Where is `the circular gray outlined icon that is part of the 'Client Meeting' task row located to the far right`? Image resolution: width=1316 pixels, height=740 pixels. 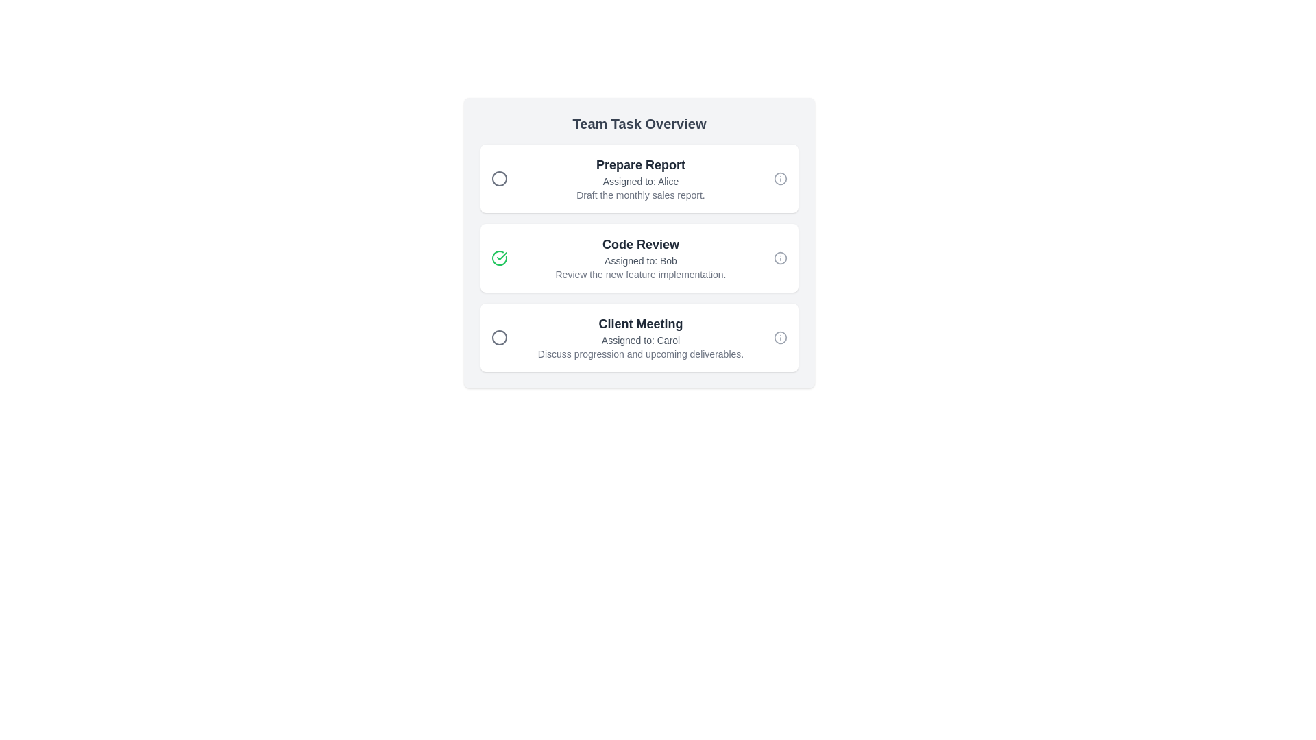 the circular gray outlined icon that is part of the 'Client Meeting' task row located to the far right is located at coordinates (780, 338).